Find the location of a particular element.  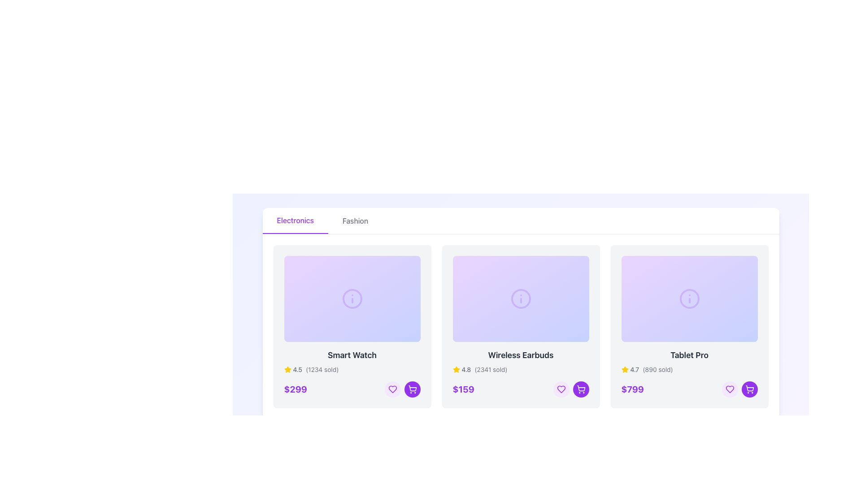

the heart icon with a purple outline located in the bottom-right corner of the last card in the grid layout is located at coordinates (730, 389).